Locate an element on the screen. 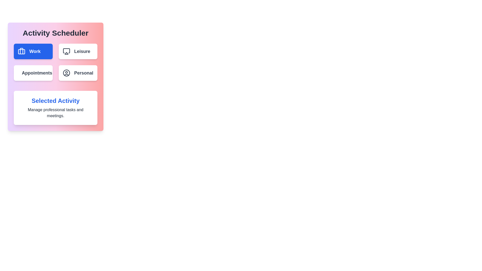 This screenshot has width=482, height=271. the 'Work' activity icon located in the top-left button of the 2x2 grid on the 'Activity Scheduler' card is located at coordinates (21, 51).